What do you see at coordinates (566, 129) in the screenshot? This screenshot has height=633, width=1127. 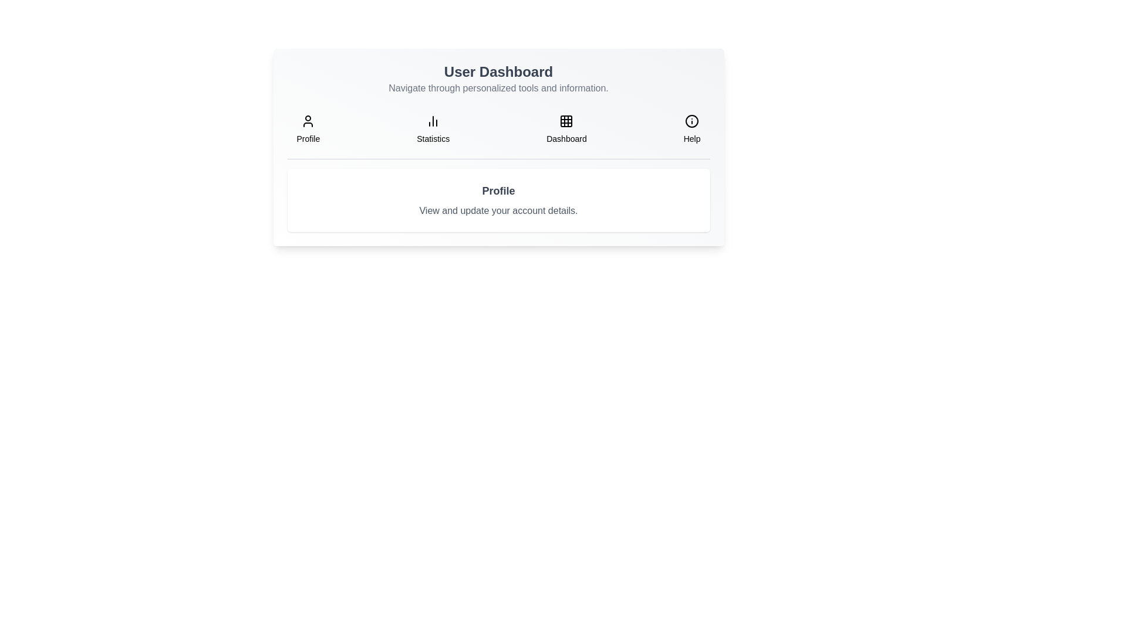 I see `the tab labeled Dashboard to navigate to its content` at bounding box center [566, 129].